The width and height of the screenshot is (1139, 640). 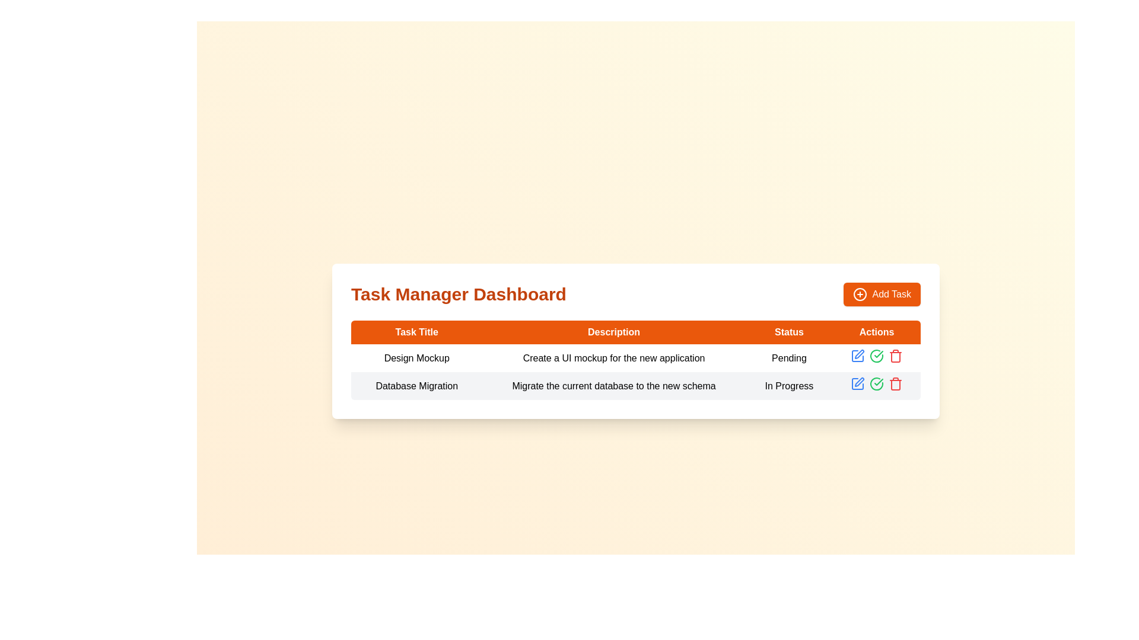 I want to click on the 'Status' text label indicating the current status of the task 'Database Migration' located in the second row of the task table in the Task Manager Dashboard, so click(x=789, y=386).